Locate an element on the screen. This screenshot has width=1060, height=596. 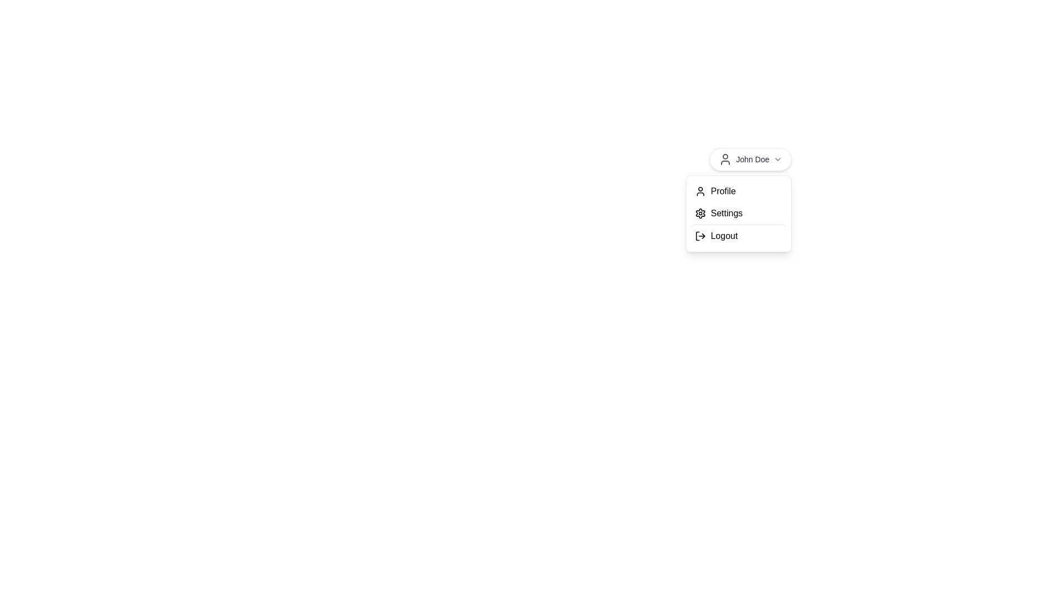
the downward-facing chevron icon indicating a dropdown next to 'John Doe' for the context menu is located at coordinates (777, 159).